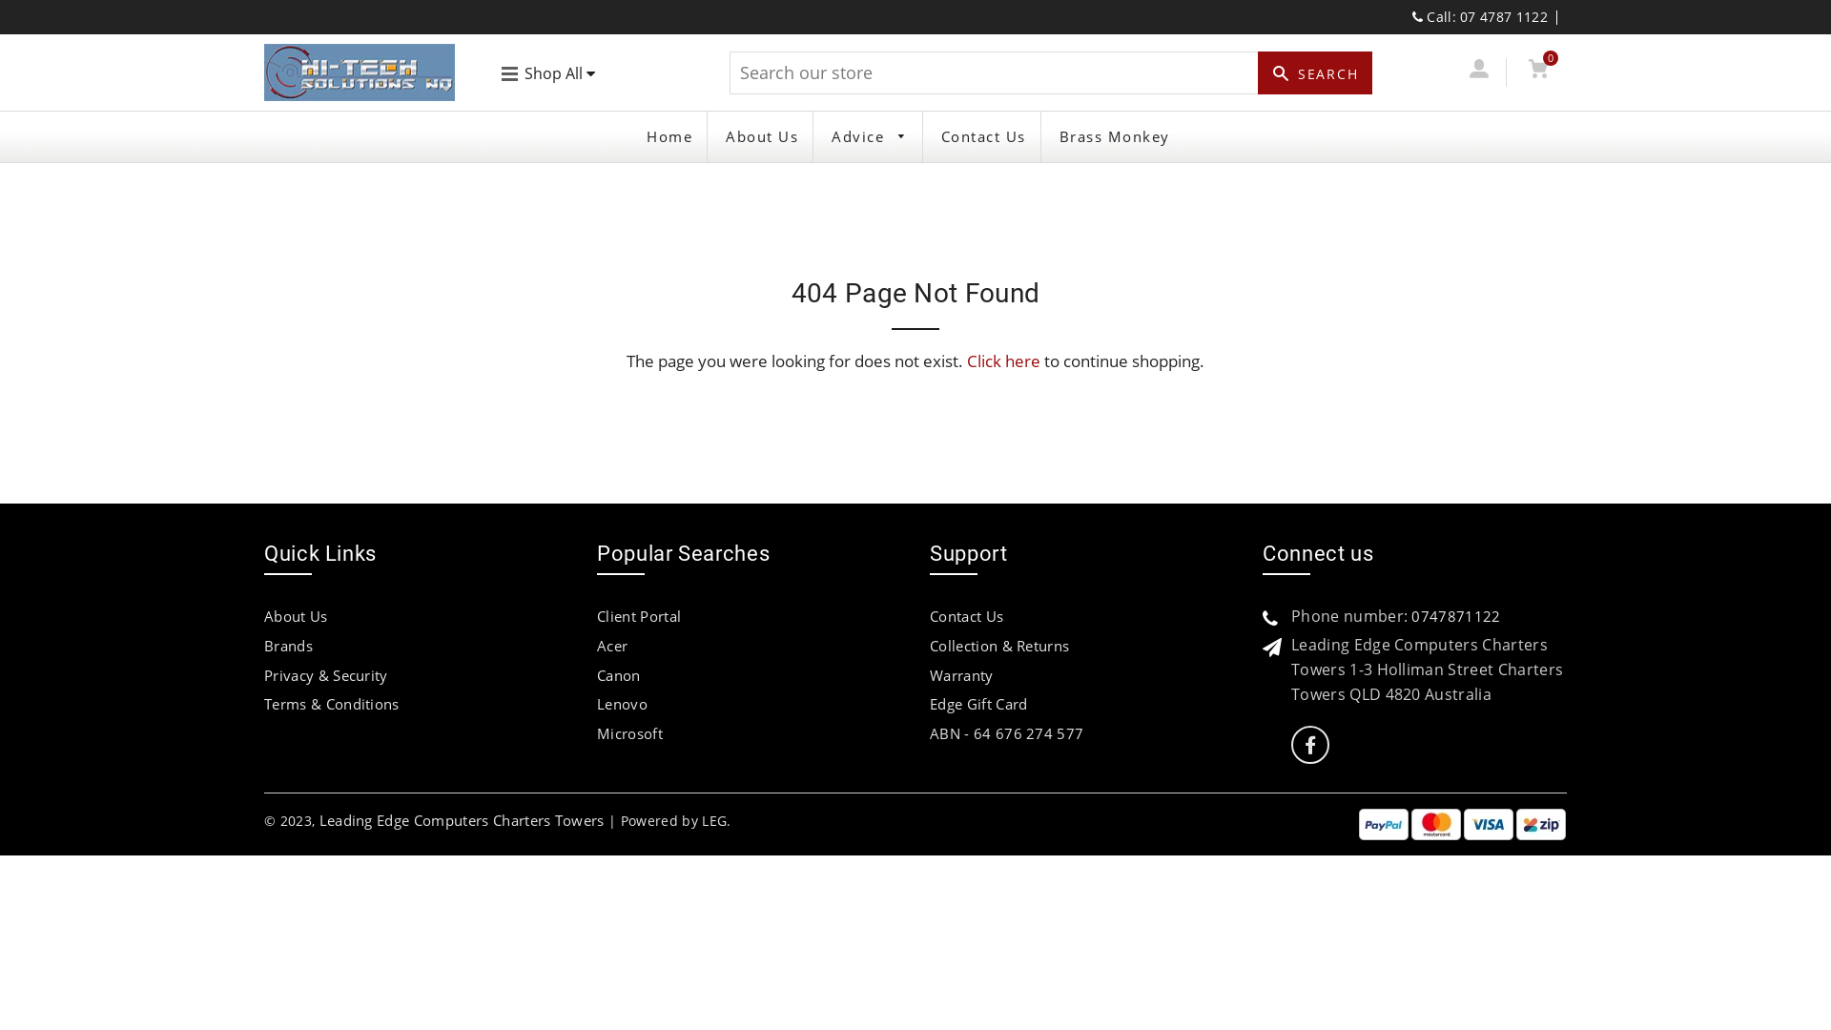 The height and width of the screenshot is (1030, 1831). What do you see at coordinates (325, 674) in the screenshot?
I see `'Privacy & Security'` at bounding box center [325, 674].